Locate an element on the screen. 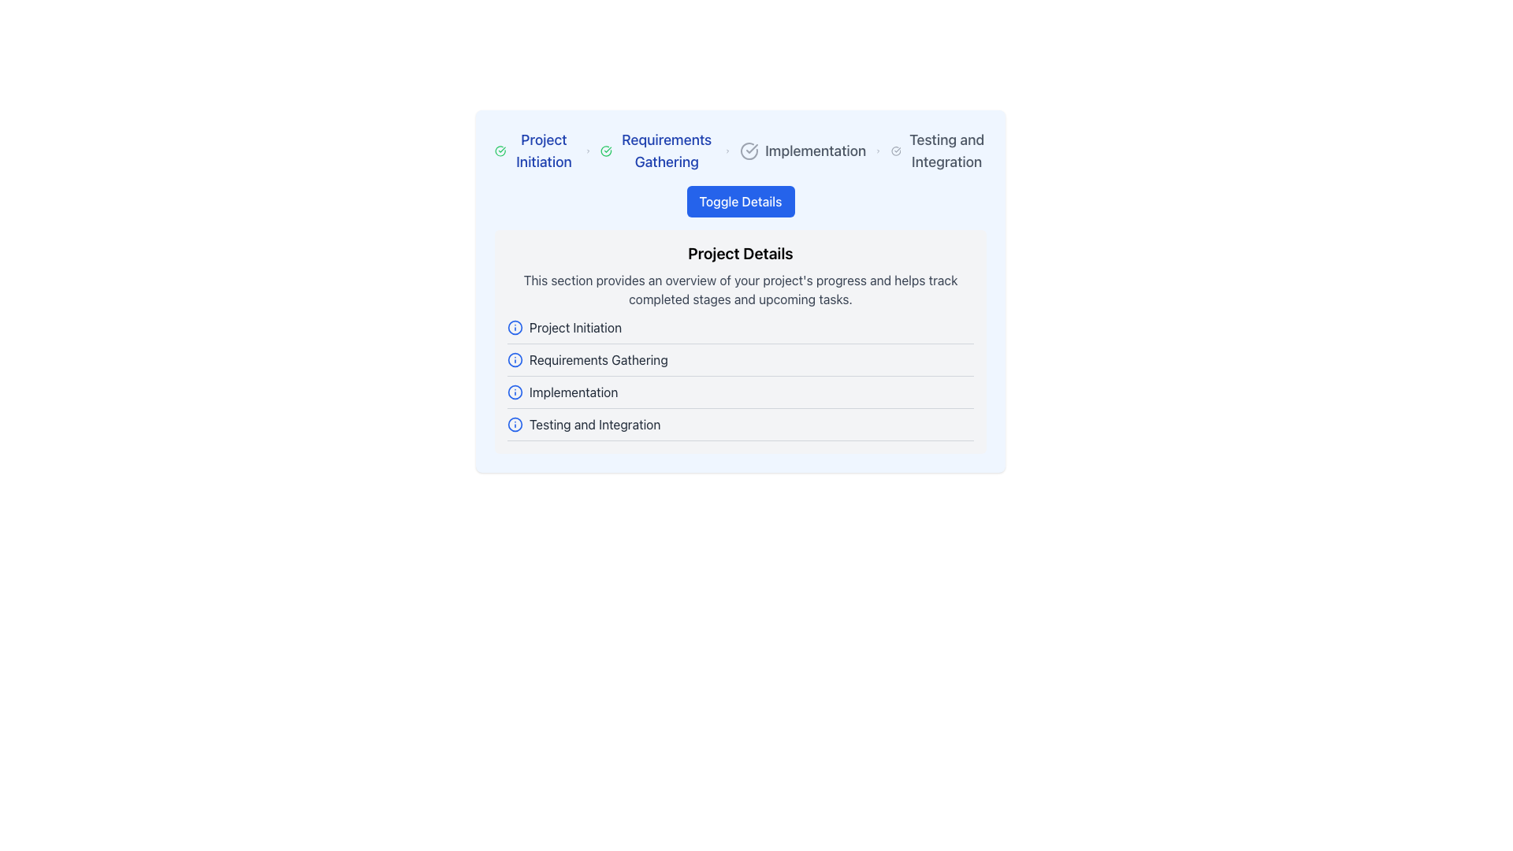 The height and width of the screenshot is (851, 1513). the non-interactive visual status indicator icon representing the successful completion of the 'Requirements Gathering' phase, which is part of the breadcrumb navigation bar is located at coordinates (605, 151).